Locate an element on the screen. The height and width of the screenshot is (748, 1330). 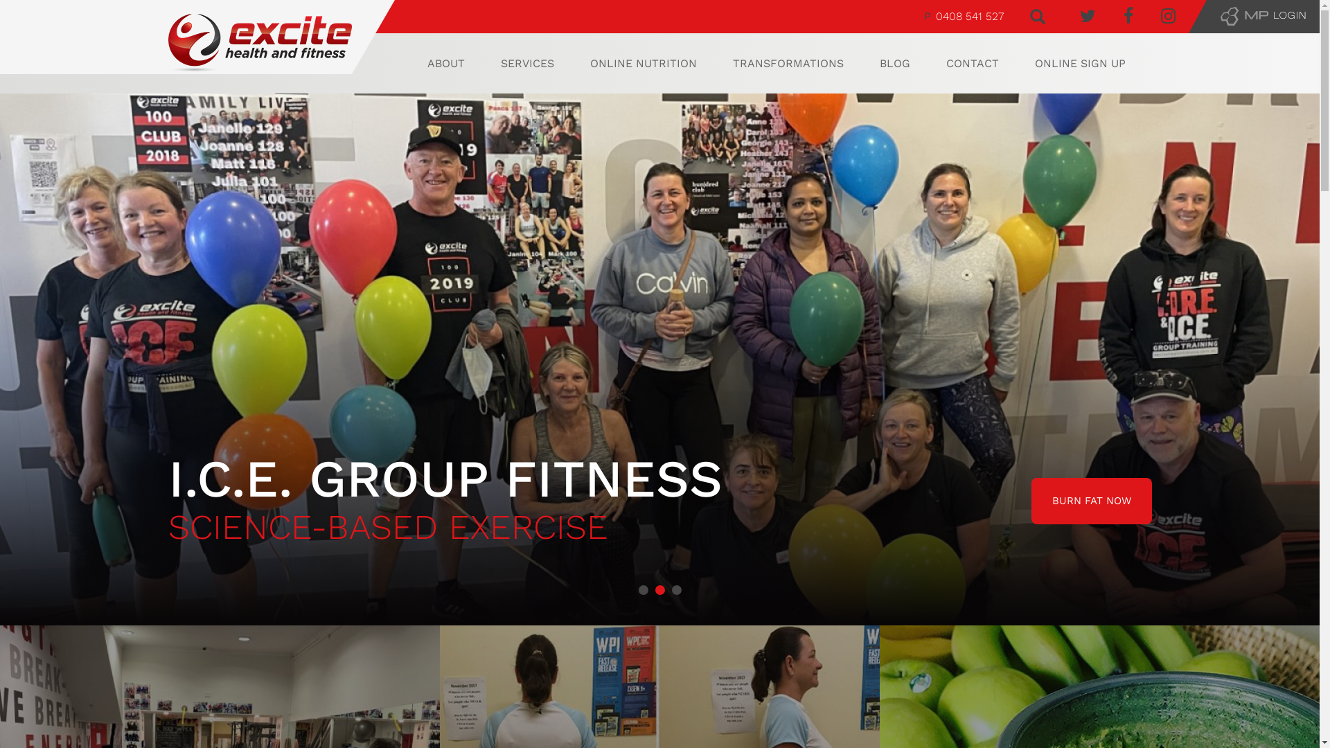
'TRANSFORMATIONS' is located at coordinates (731, 63).